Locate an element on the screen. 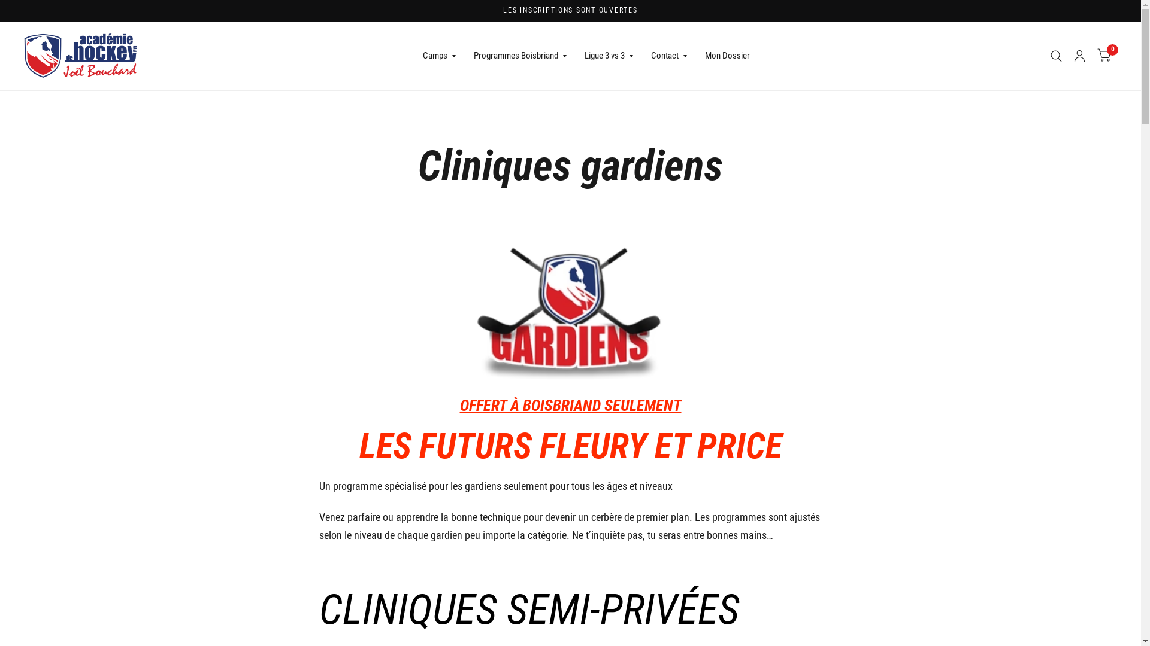 This screenshot has width=1150, height=646. 'Ligue 3 vs 3' is located at coordinates (609, 56).